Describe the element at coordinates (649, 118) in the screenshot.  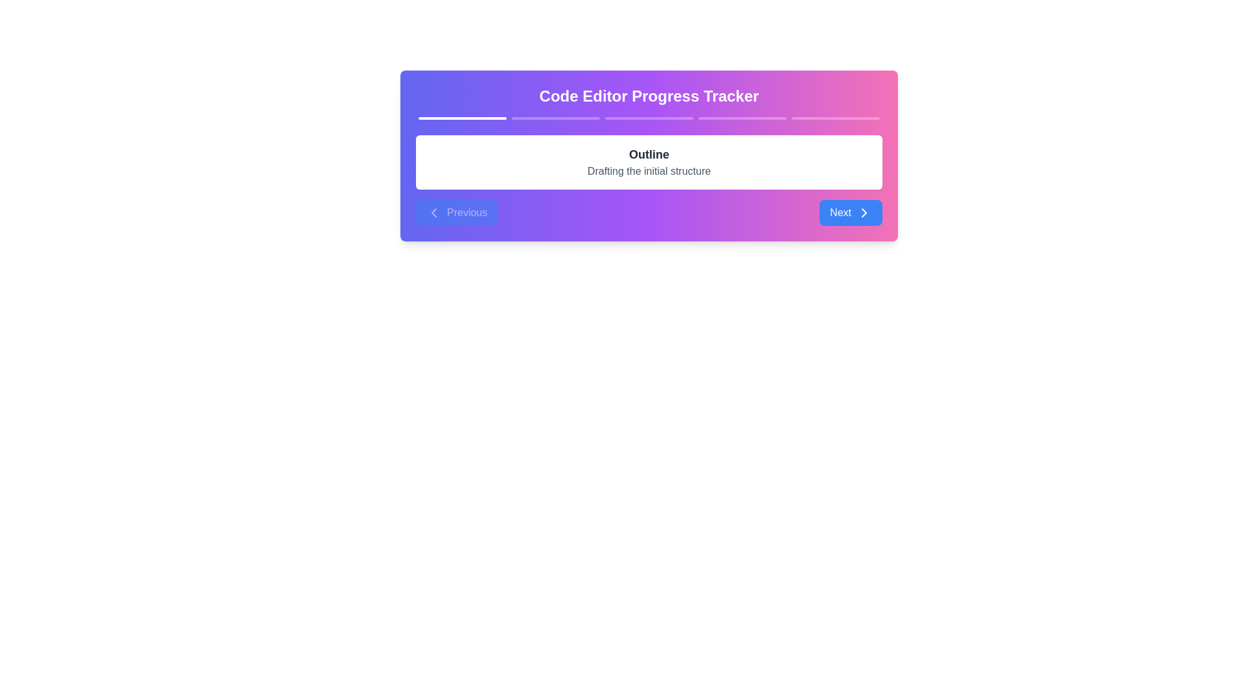
I see `the third progress bar segment, which is a horizontally elongated, thin bar with a rounded edge design and a semi-transparent white appearance` at that location.